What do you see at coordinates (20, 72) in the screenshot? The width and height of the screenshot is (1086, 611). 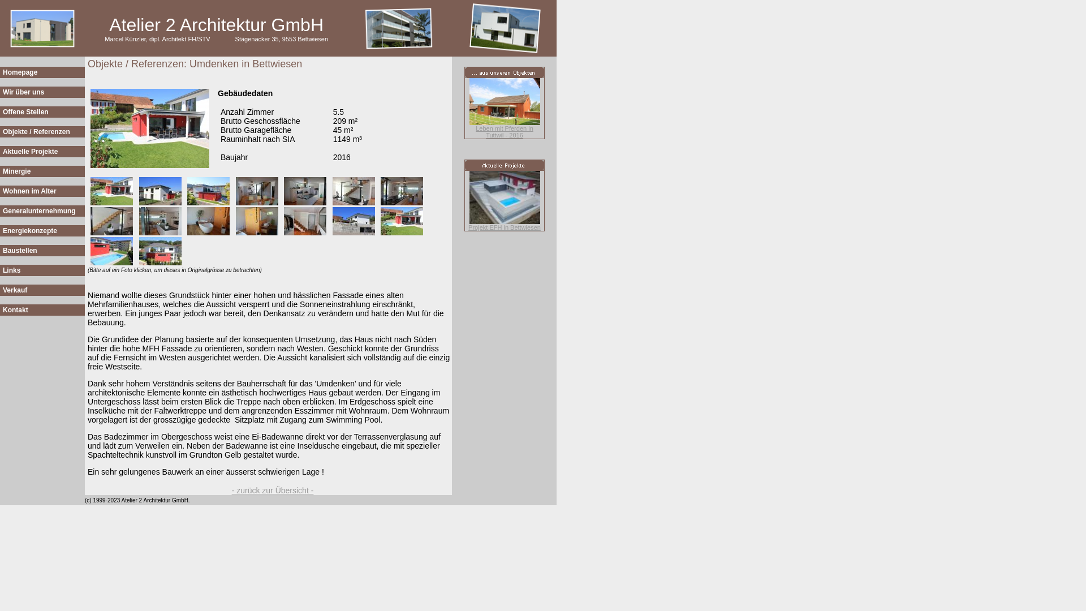 I see `'Homepage'` at bounding box center [20, 72].